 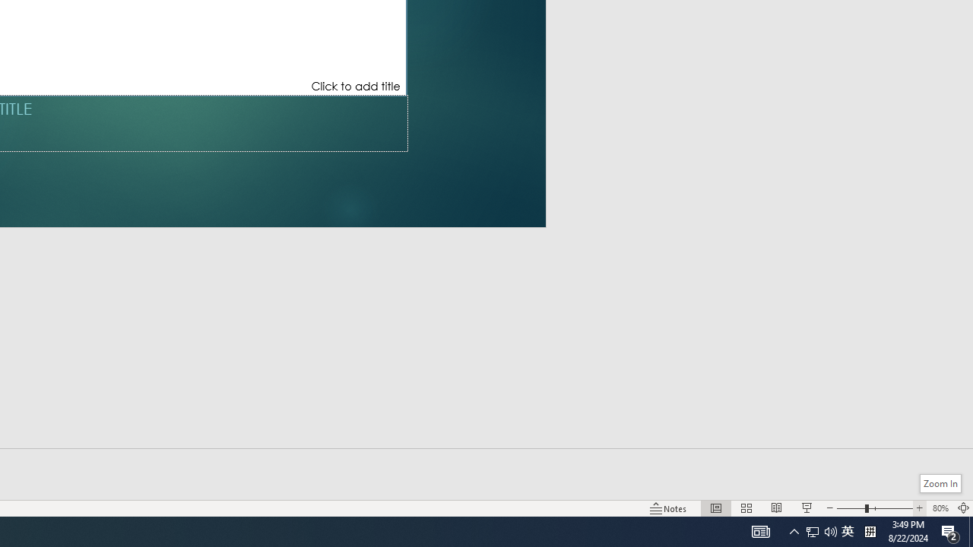 I want to click on 'Zoom 80%', so click(x=940, y=508).